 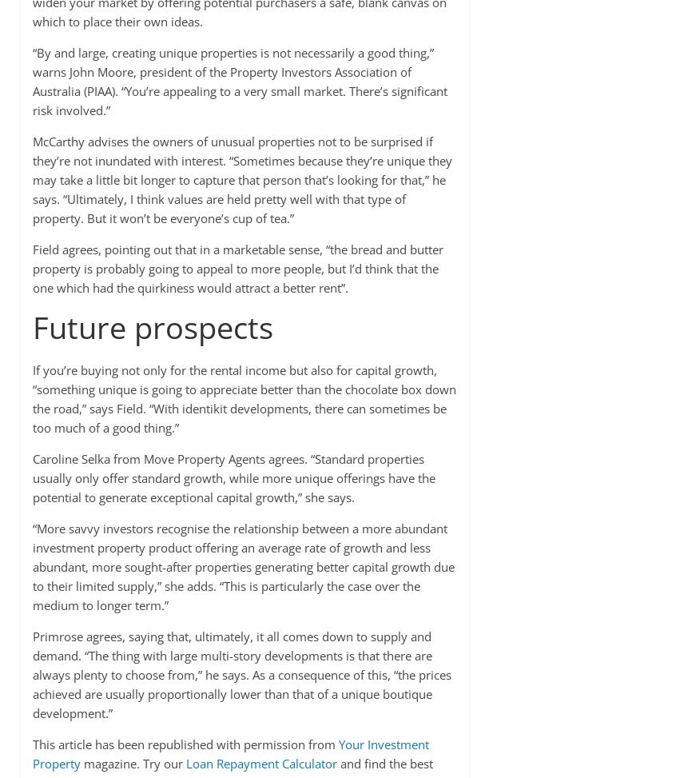 What do you see at coordinates (229, 753) in the screenshot?
I see `'Your Investment Property'` at bounding box center [229, 753].